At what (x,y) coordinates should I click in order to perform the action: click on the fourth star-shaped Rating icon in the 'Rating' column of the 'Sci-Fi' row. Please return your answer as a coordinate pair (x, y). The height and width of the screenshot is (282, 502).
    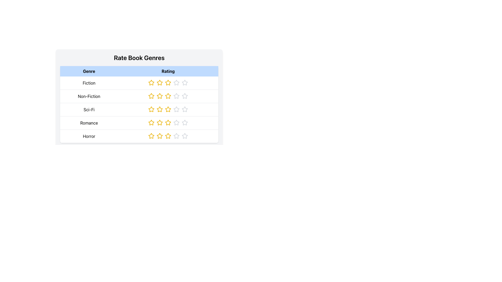
    Looking at the image, I should click on (176, 109).